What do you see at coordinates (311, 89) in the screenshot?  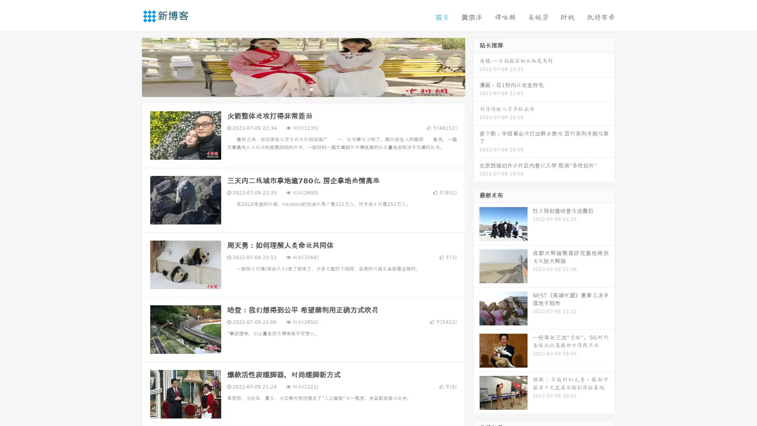 I see `Go to slide 3` at bounding box center [311, 89].